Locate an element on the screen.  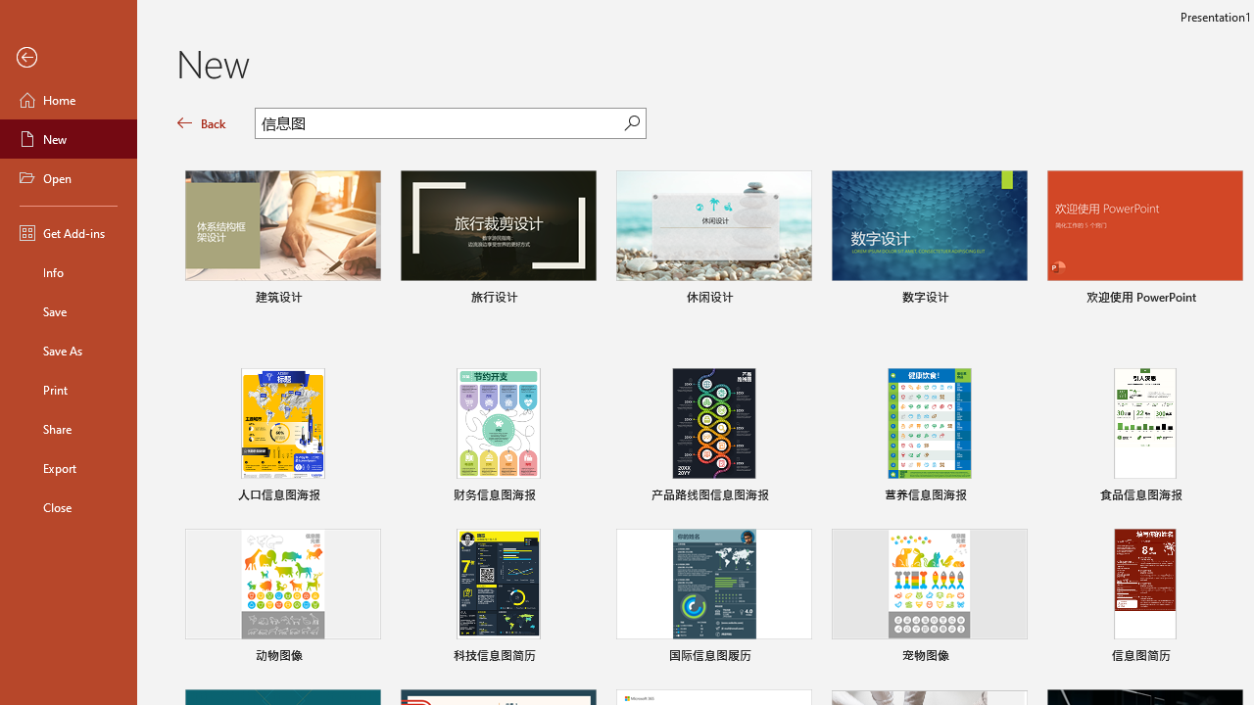
'Start searching' is located at coordinates (632, 122).